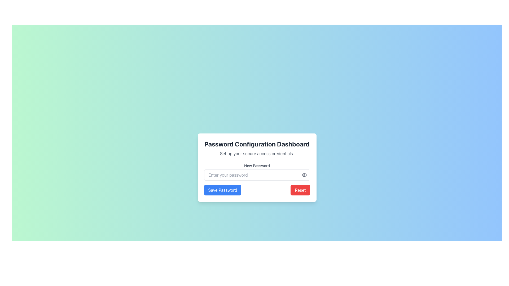 The width and height of the screenshot is (509, 286). Describe the element at coordinates (300, 190) in the screenshot. I see `the reset password button located at the bottom-right corner of the modal dialog, adjacent to the 'Save Password' button` at that location.